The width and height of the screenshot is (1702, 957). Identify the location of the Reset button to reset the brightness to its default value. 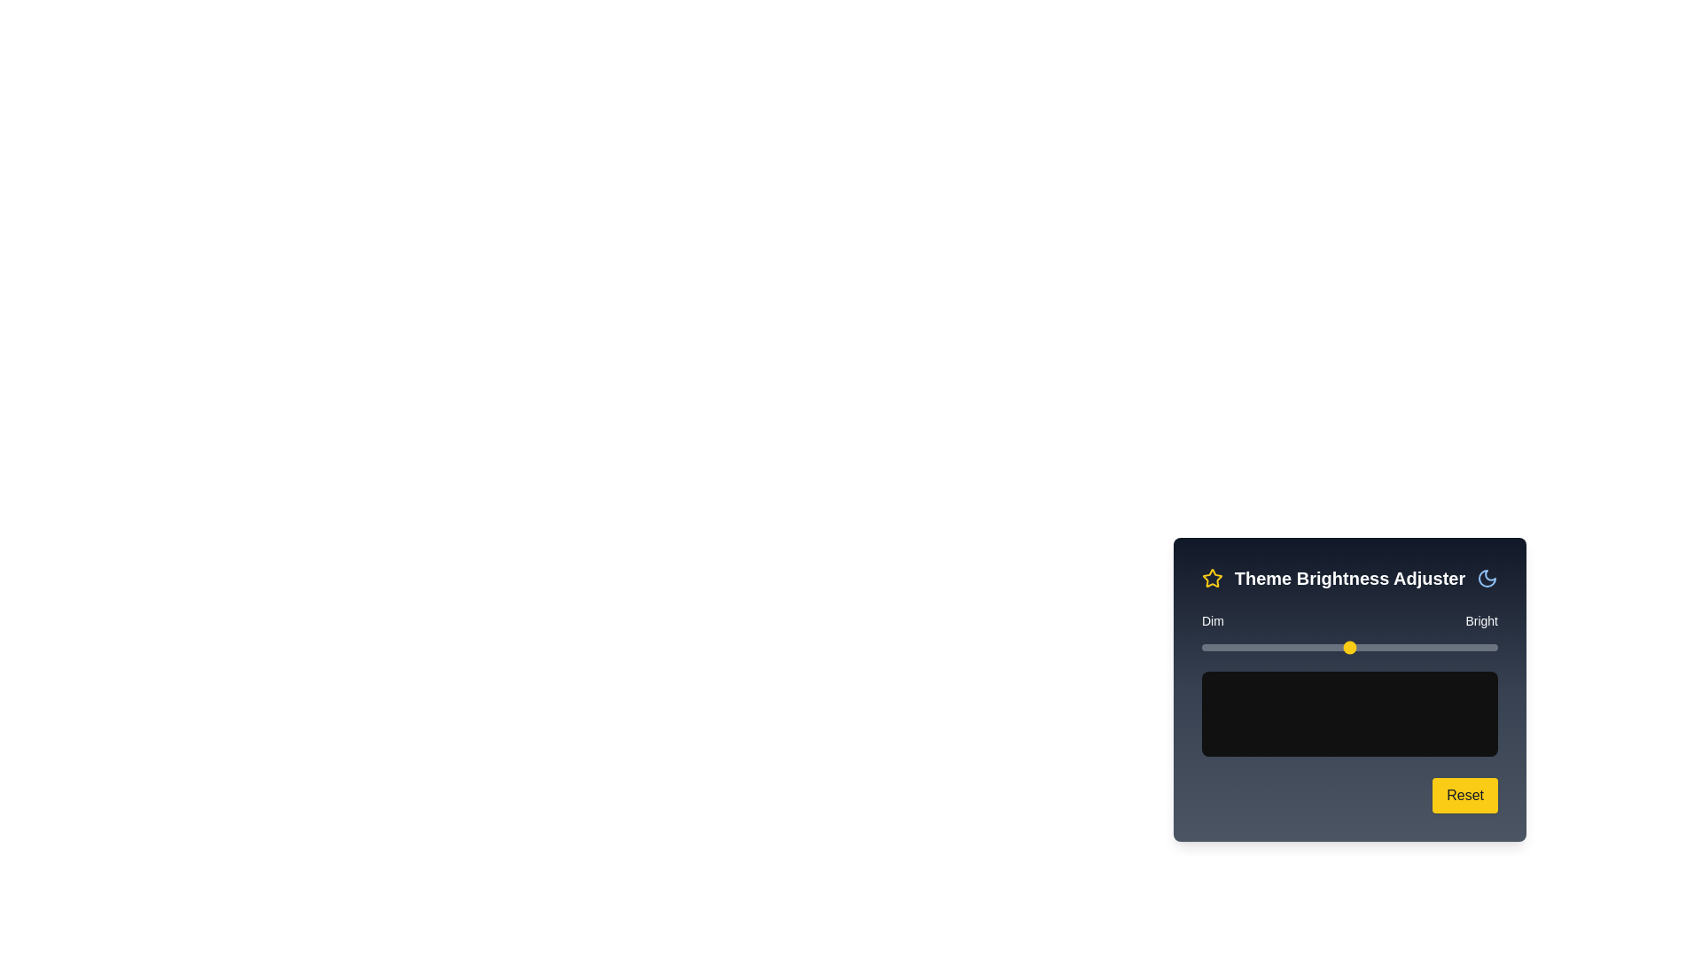
(1464, 795).